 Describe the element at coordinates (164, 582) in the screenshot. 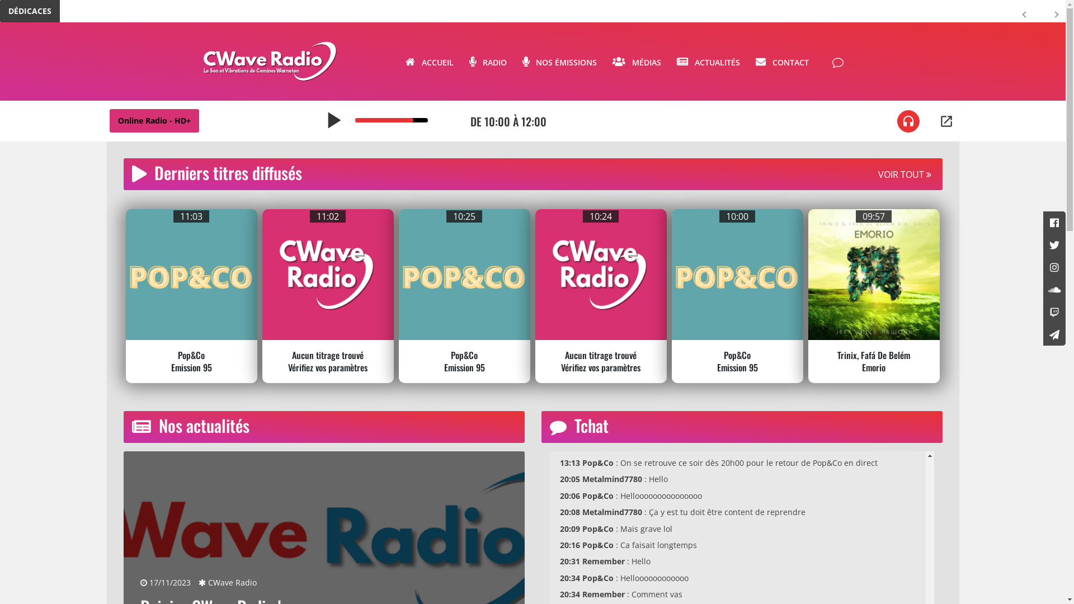

I see `'17/11/2023'` at that location.